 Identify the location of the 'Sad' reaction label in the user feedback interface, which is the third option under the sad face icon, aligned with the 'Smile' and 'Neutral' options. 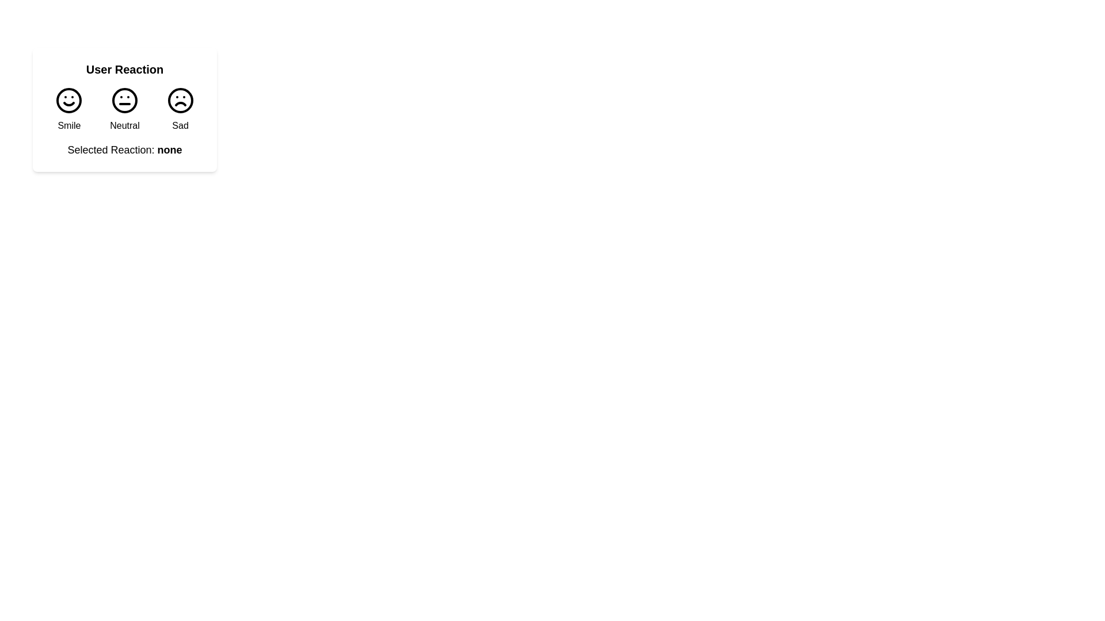
(180, 126).